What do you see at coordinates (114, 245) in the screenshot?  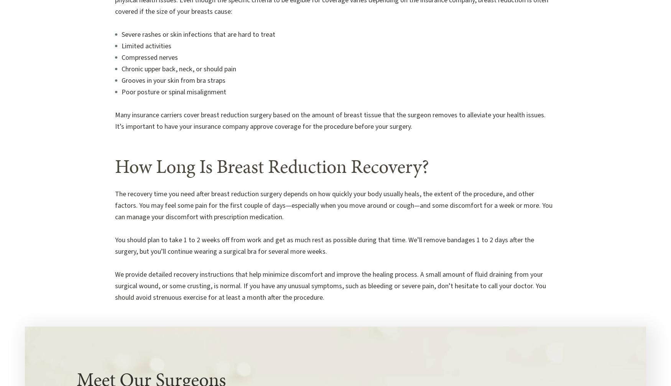 I see `'You should plan to take 1 to 2 weeks off from work and get as much rest as possible during that time. We’ll remove bandages 1 to 2 days after the surgery, but you’ll continue wearing a surgical bra for several more weeks.'` at bounding box center [114, 245].